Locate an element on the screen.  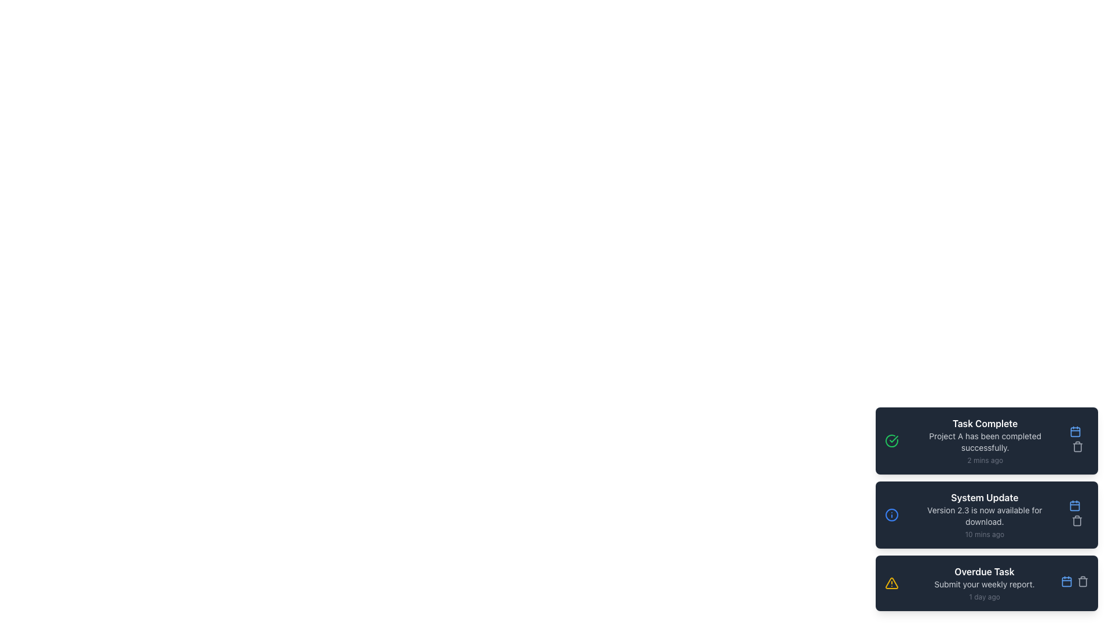
the icon button located in the 'System Update' notification card on the right-hand side is located at coordinates (1074, 505).